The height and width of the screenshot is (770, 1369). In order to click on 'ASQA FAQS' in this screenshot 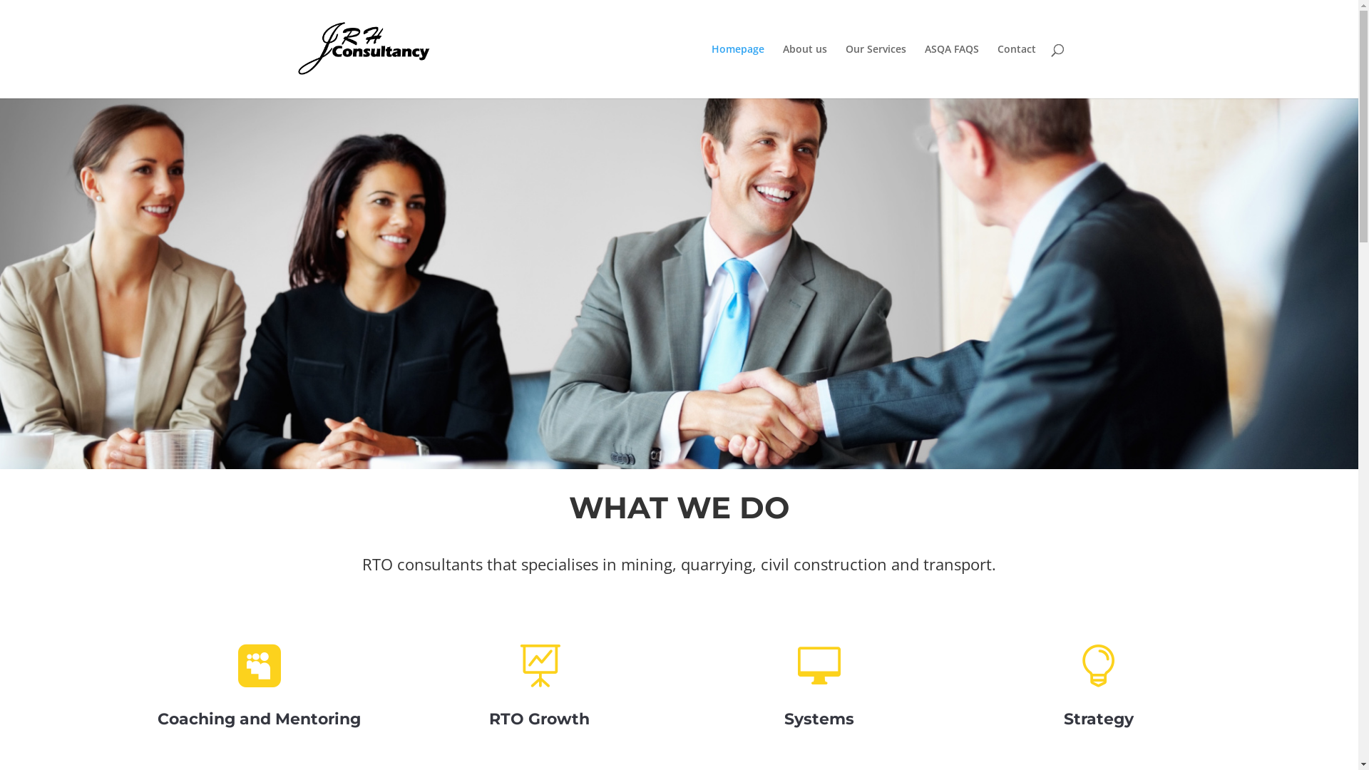, I will do `click(951, 71)`.